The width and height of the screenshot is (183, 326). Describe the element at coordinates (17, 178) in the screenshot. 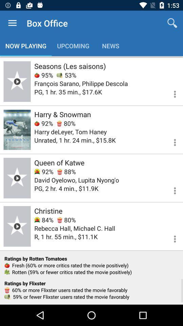

I see `check the page` at that location.